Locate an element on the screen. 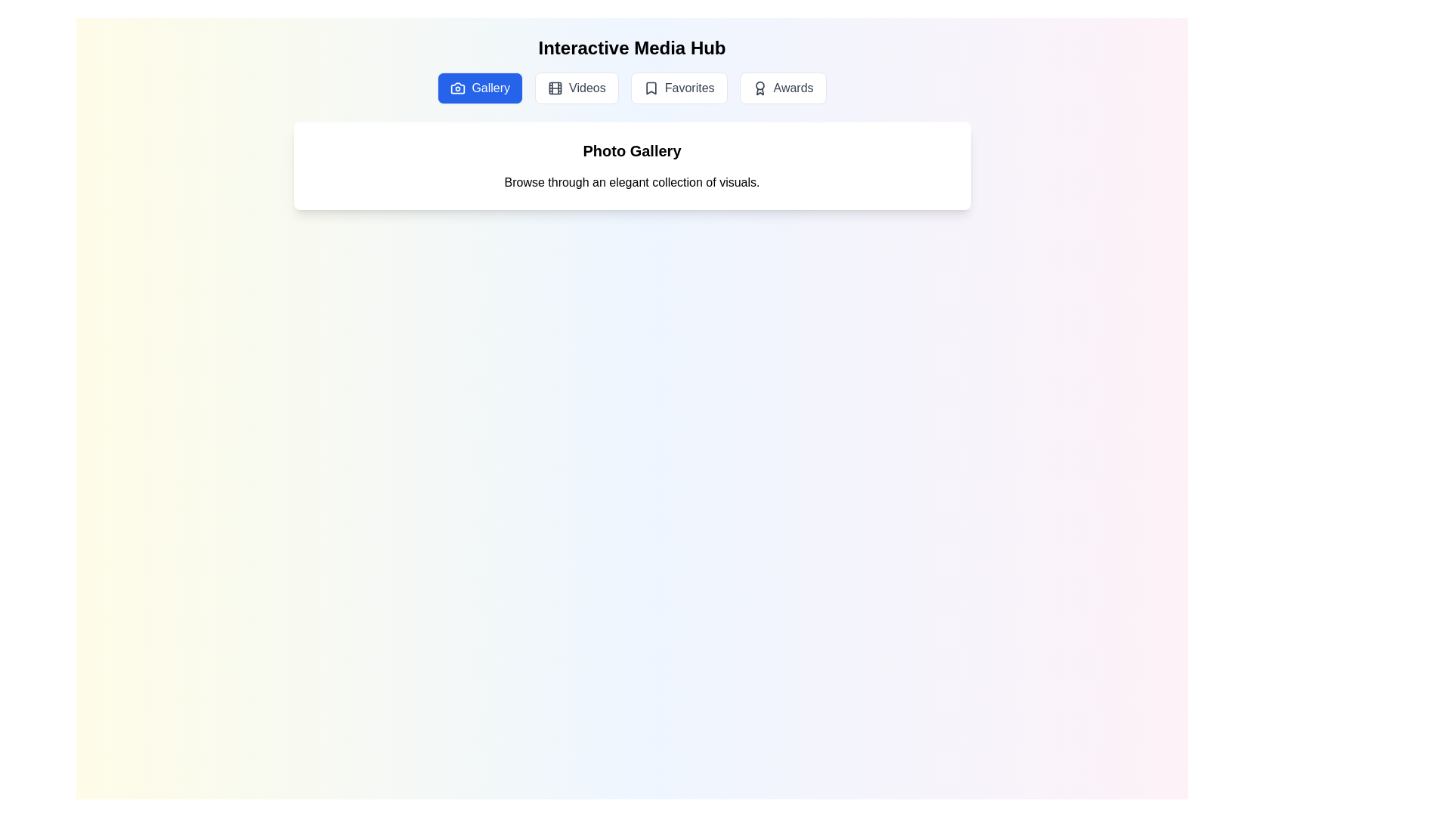 The width and height of the screenshot is (1451, 816). the awards icon located in the middle of the 'Awards' button, the fourth button from the left in the horizontal navigation bar at the top of the interface is located at coordinates (760, 88).